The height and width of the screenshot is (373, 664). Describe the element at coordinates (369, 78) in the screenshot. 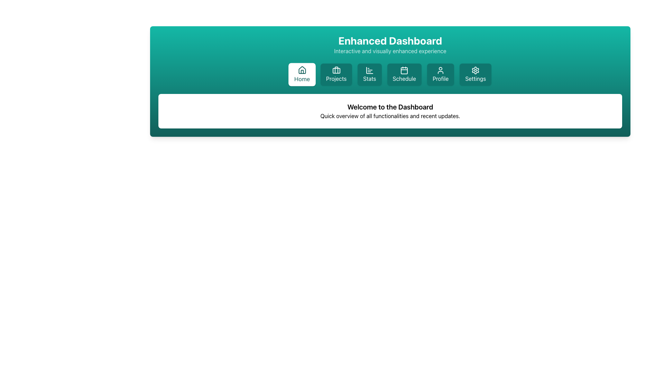

I see `the 'Stats' text label, which is part of the navigation button group` at that location.